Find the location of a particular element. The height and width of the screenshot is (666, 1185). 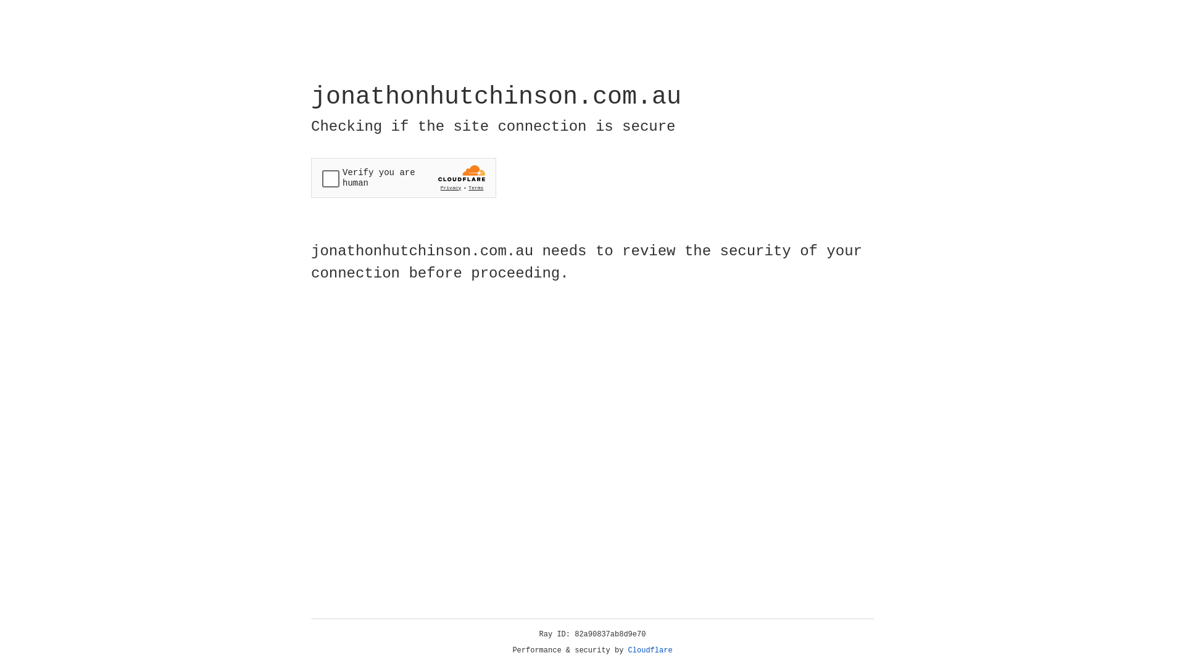

'Cloudflare' is located at coordinates (650, 650).